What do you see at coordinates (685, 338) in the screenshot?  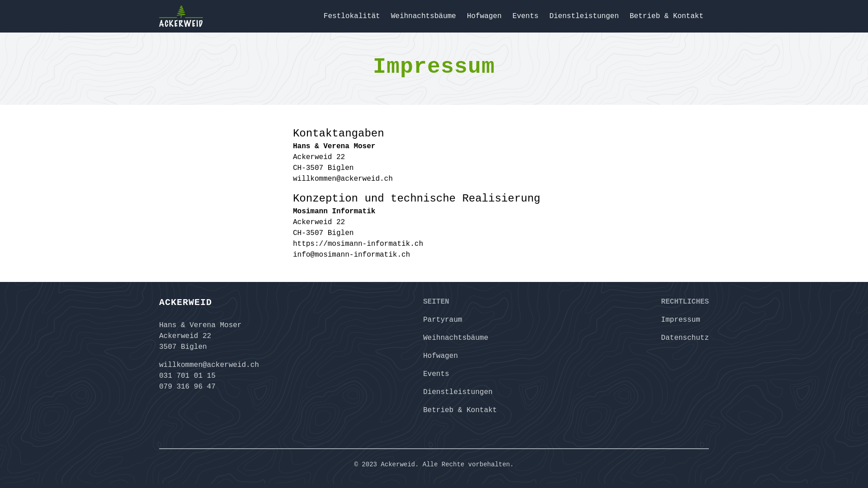 I see `'Datenschutz'` at bounding box center [685, 338].